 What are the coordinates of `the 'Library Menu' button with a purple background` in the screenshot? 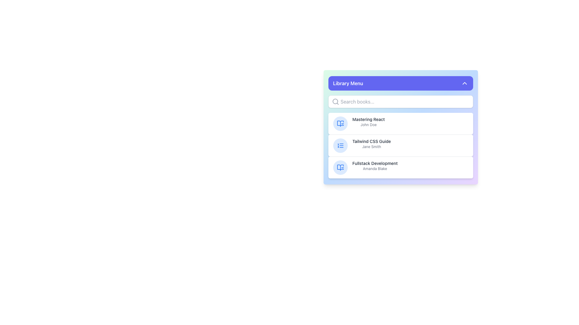 It's located at (400, 83).